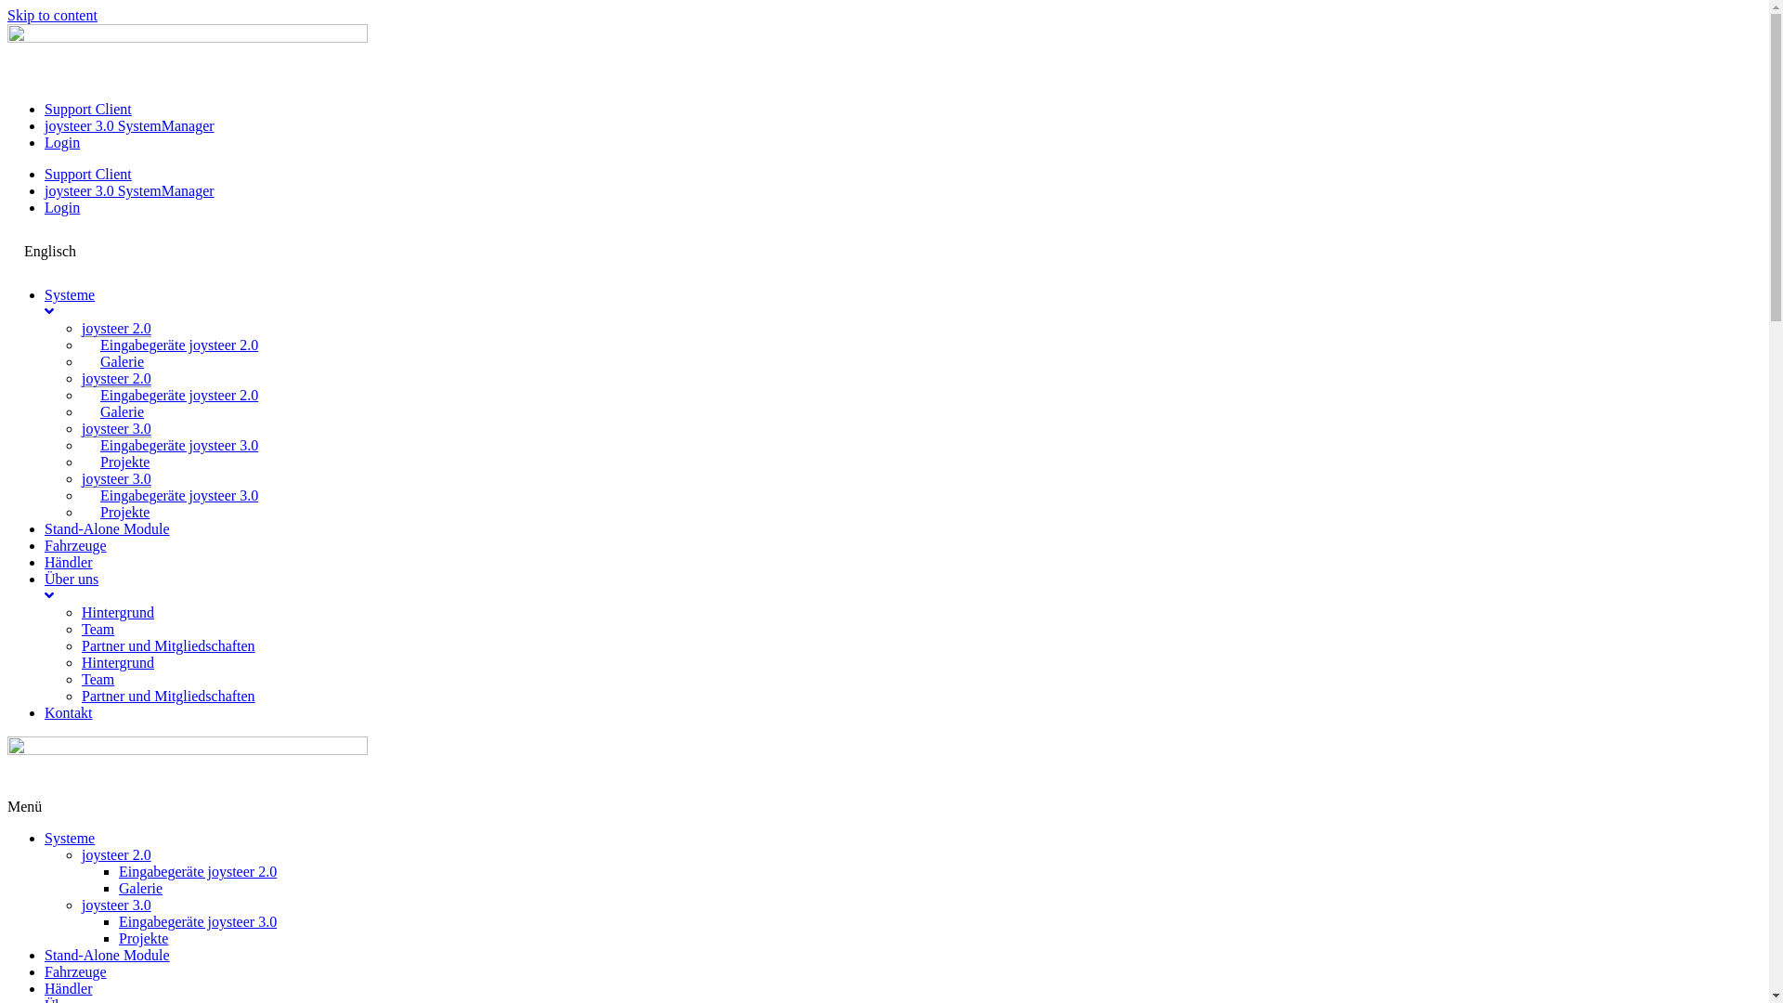 The image size is (1783, 1003). I want to click on 'Fahrzeuge', so click(74, 970).